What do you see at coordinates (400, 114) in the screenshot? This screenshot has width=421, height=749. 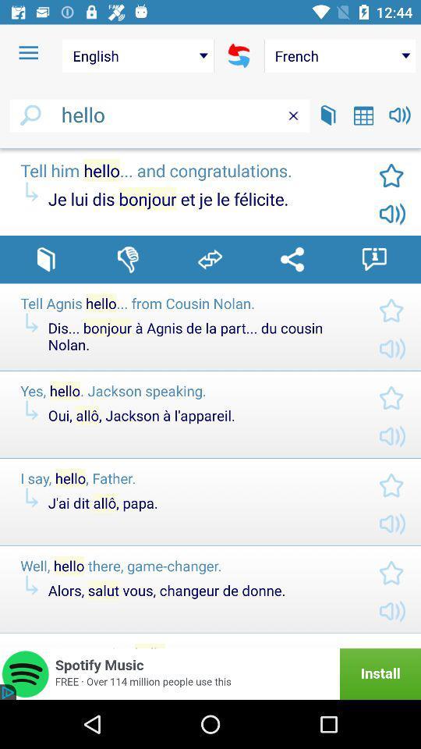 I see `adjust volume` at bounding box center [400, 114].